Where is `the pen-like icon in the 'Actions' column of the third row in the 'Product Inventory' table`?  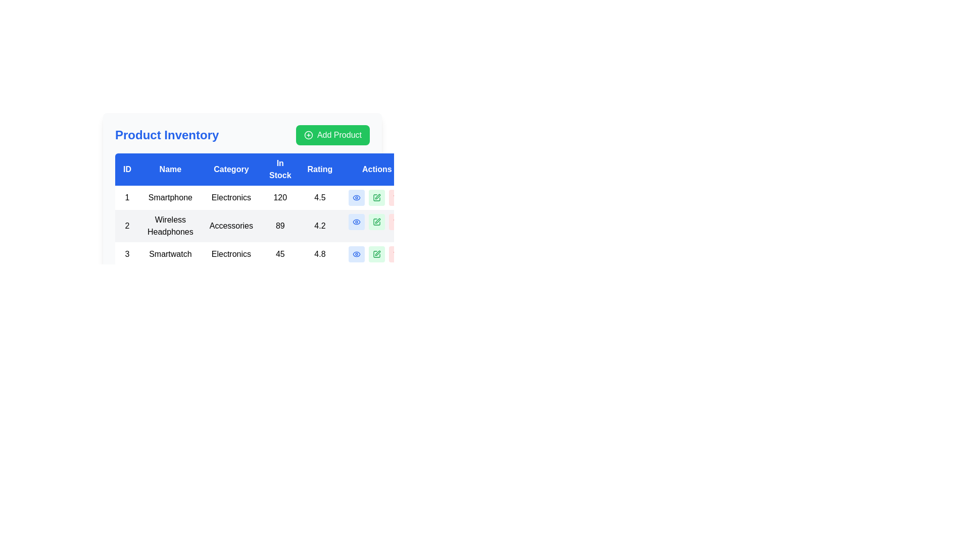
the pen-like icon in the 'Actions' column of the third row in the 'Product Inventory' table is located at coordinates (377, 252).